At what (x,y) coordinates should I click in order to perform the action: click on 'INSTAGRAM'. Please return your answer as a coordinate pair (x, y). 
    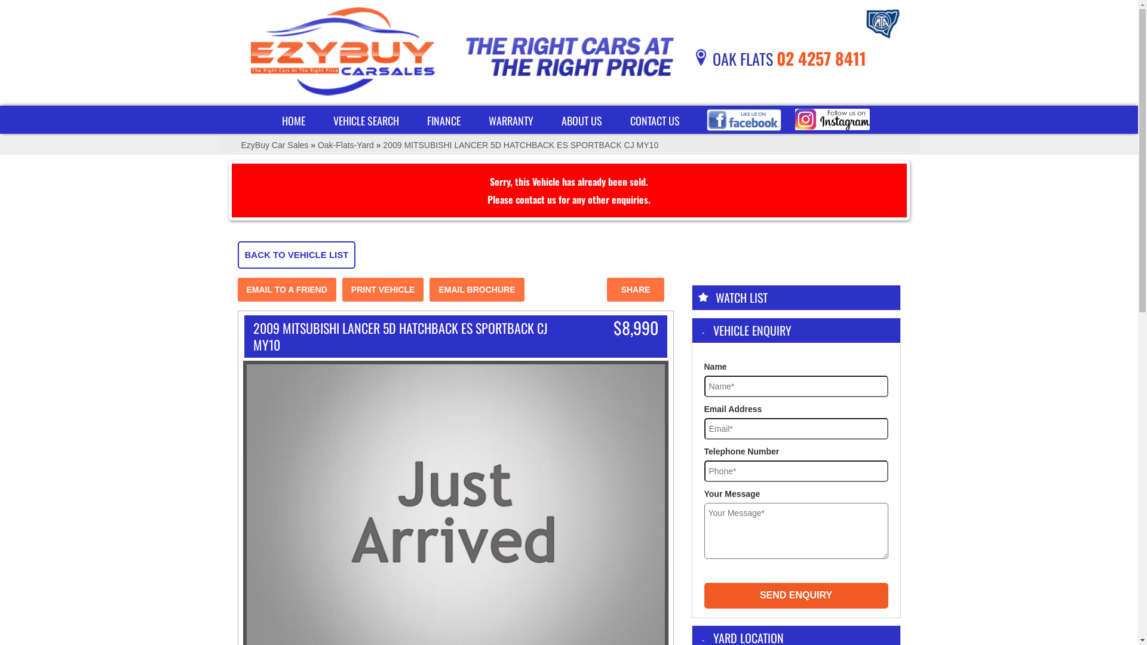
    Looking at the image, I should click on (831, 119).